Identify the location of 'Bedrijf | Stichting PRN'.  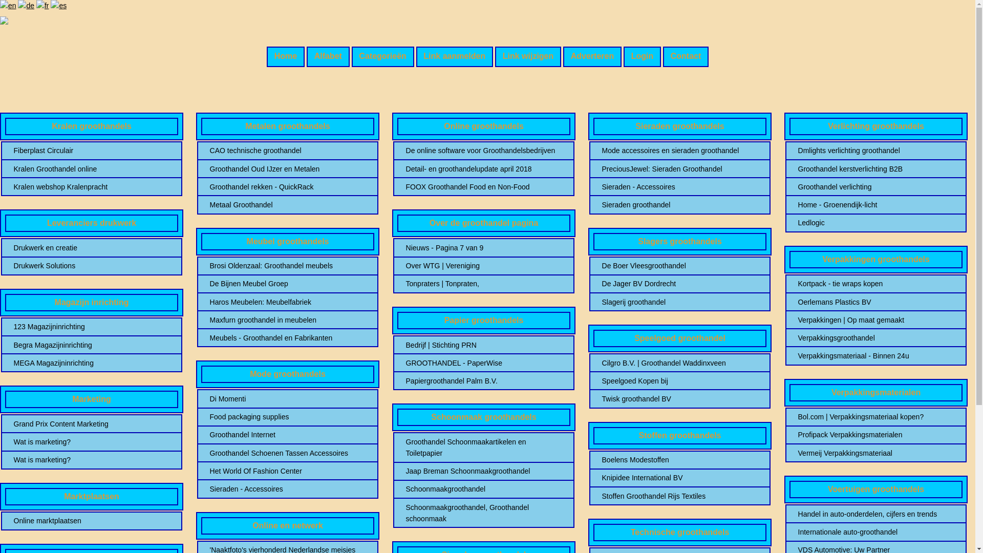
(483, 345).